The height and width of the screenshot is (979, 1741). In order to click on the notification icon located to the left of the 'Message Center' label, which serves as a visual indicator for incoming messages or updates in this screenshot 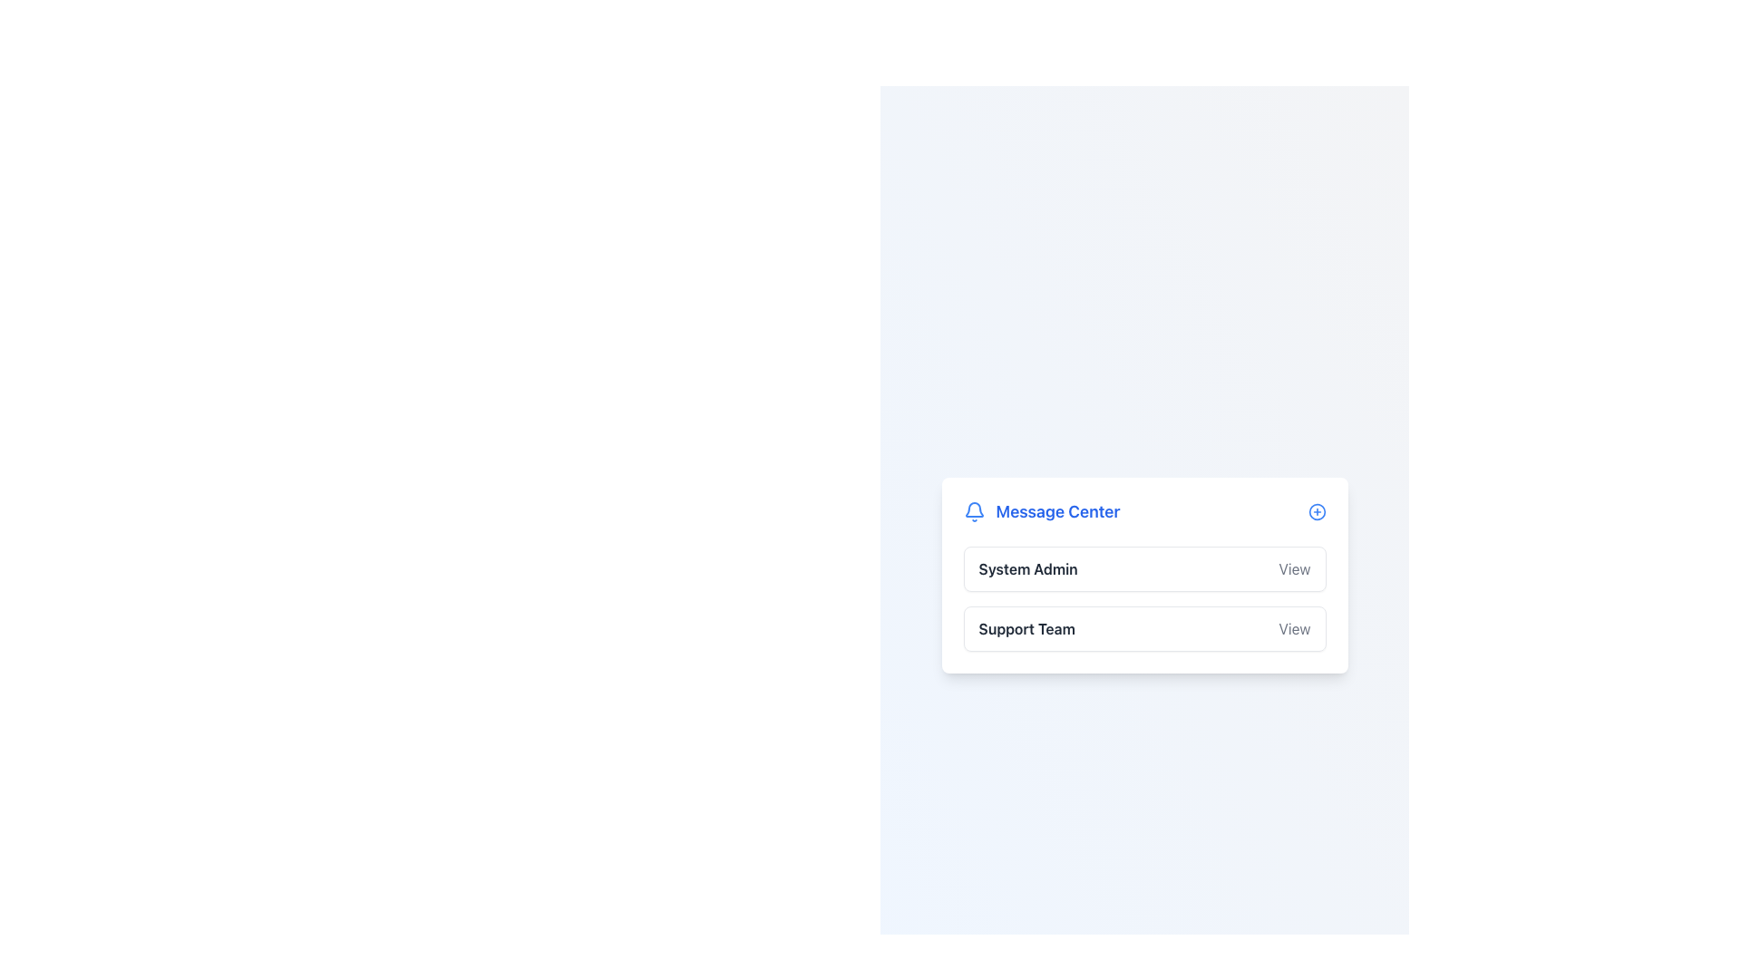, I will do `click(973, 511)`.